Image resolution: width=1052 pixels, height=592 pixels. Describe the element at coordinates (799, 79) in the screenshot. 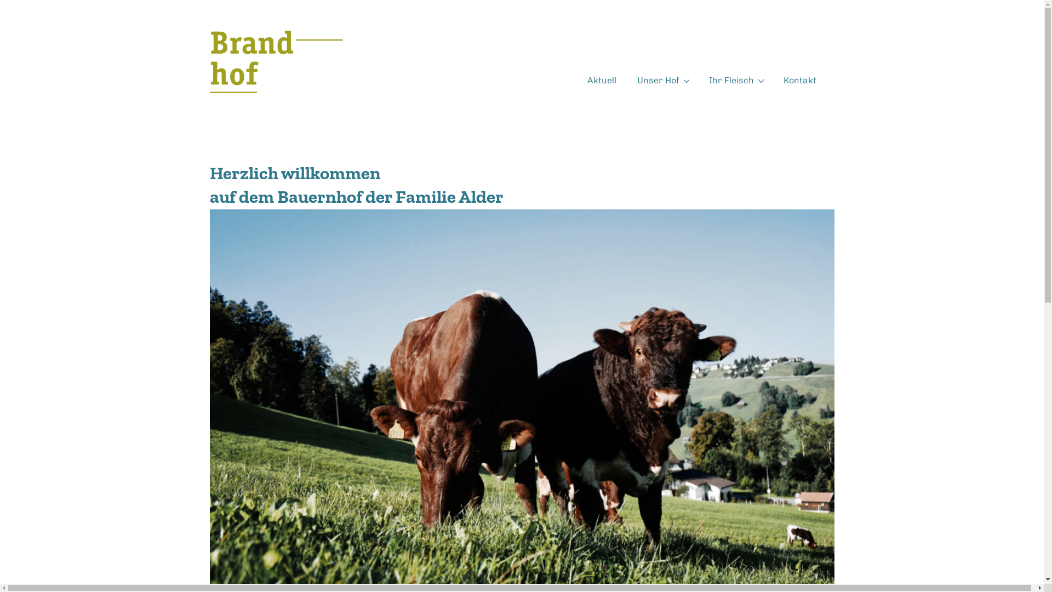

I see `'Kontakt'` at that location.